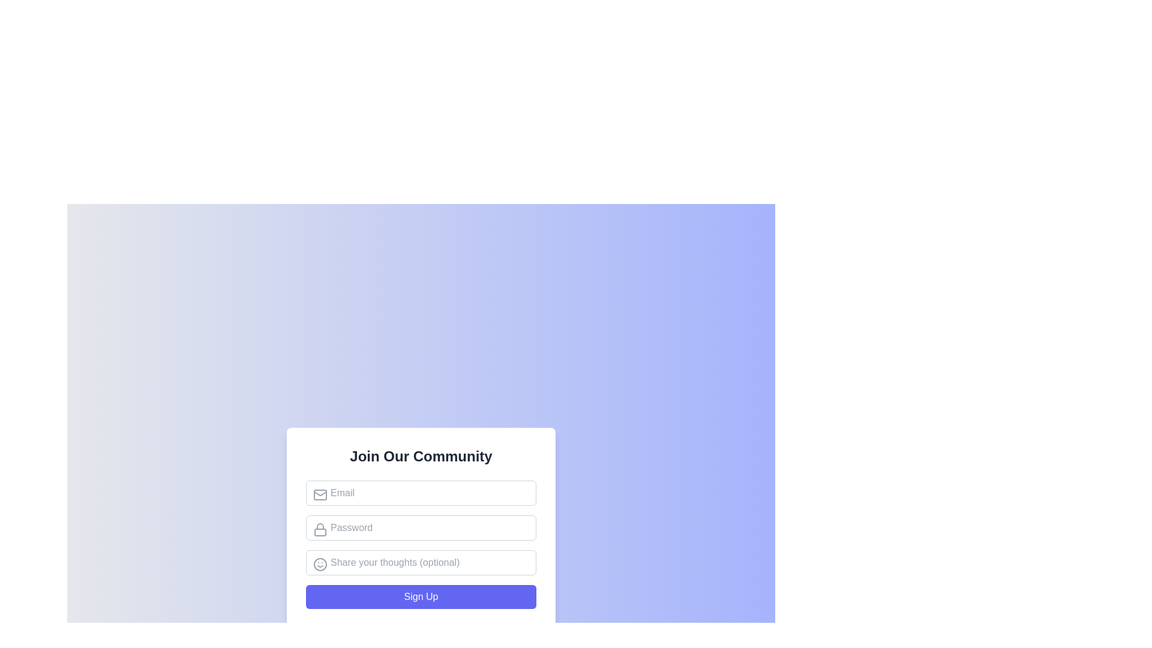  Describe the element at coordinates (421, 456) in the screenshot. I see `the Text Label that serves as a title for the user sign-up section, which is centrally located above the input fields and the 'Sign Up' button` at that location.